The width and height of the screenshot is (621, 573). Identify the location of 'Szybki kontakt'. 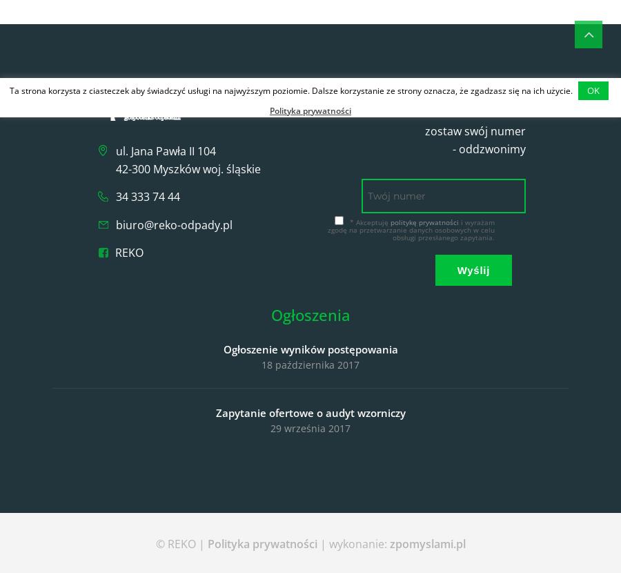
(471, 97).